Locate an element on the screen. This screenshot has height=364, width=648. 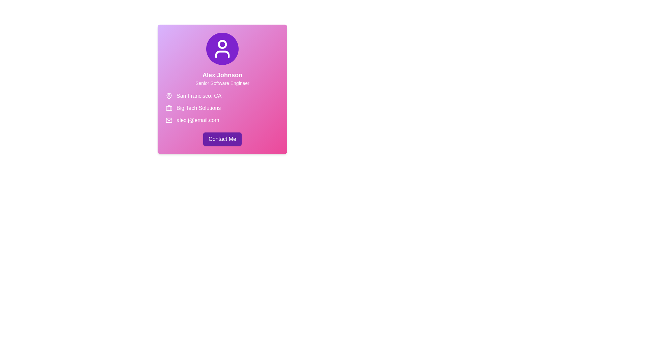
the graphical icon or avatar representing the user Alex Johnson is located at coordinates (222, 49).